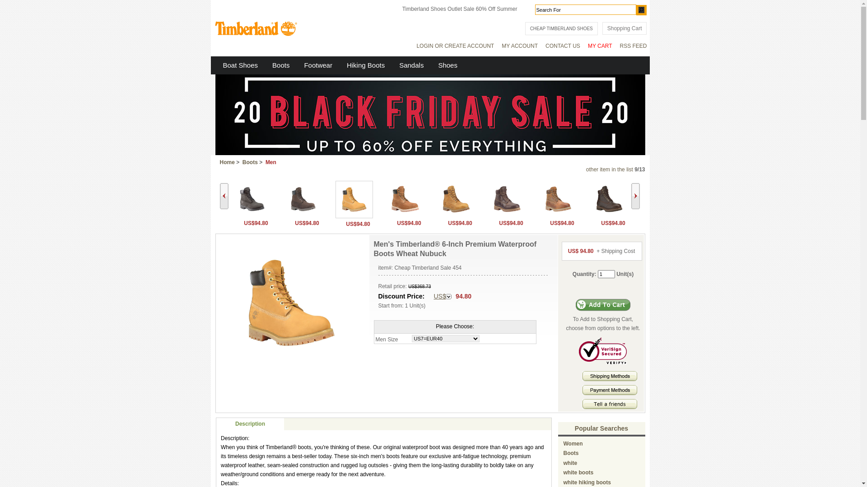 This screenshot has height=487, width=867. Describe the element at coordinates (563, 443) in the screenshot. I see `'Women'` at that location.